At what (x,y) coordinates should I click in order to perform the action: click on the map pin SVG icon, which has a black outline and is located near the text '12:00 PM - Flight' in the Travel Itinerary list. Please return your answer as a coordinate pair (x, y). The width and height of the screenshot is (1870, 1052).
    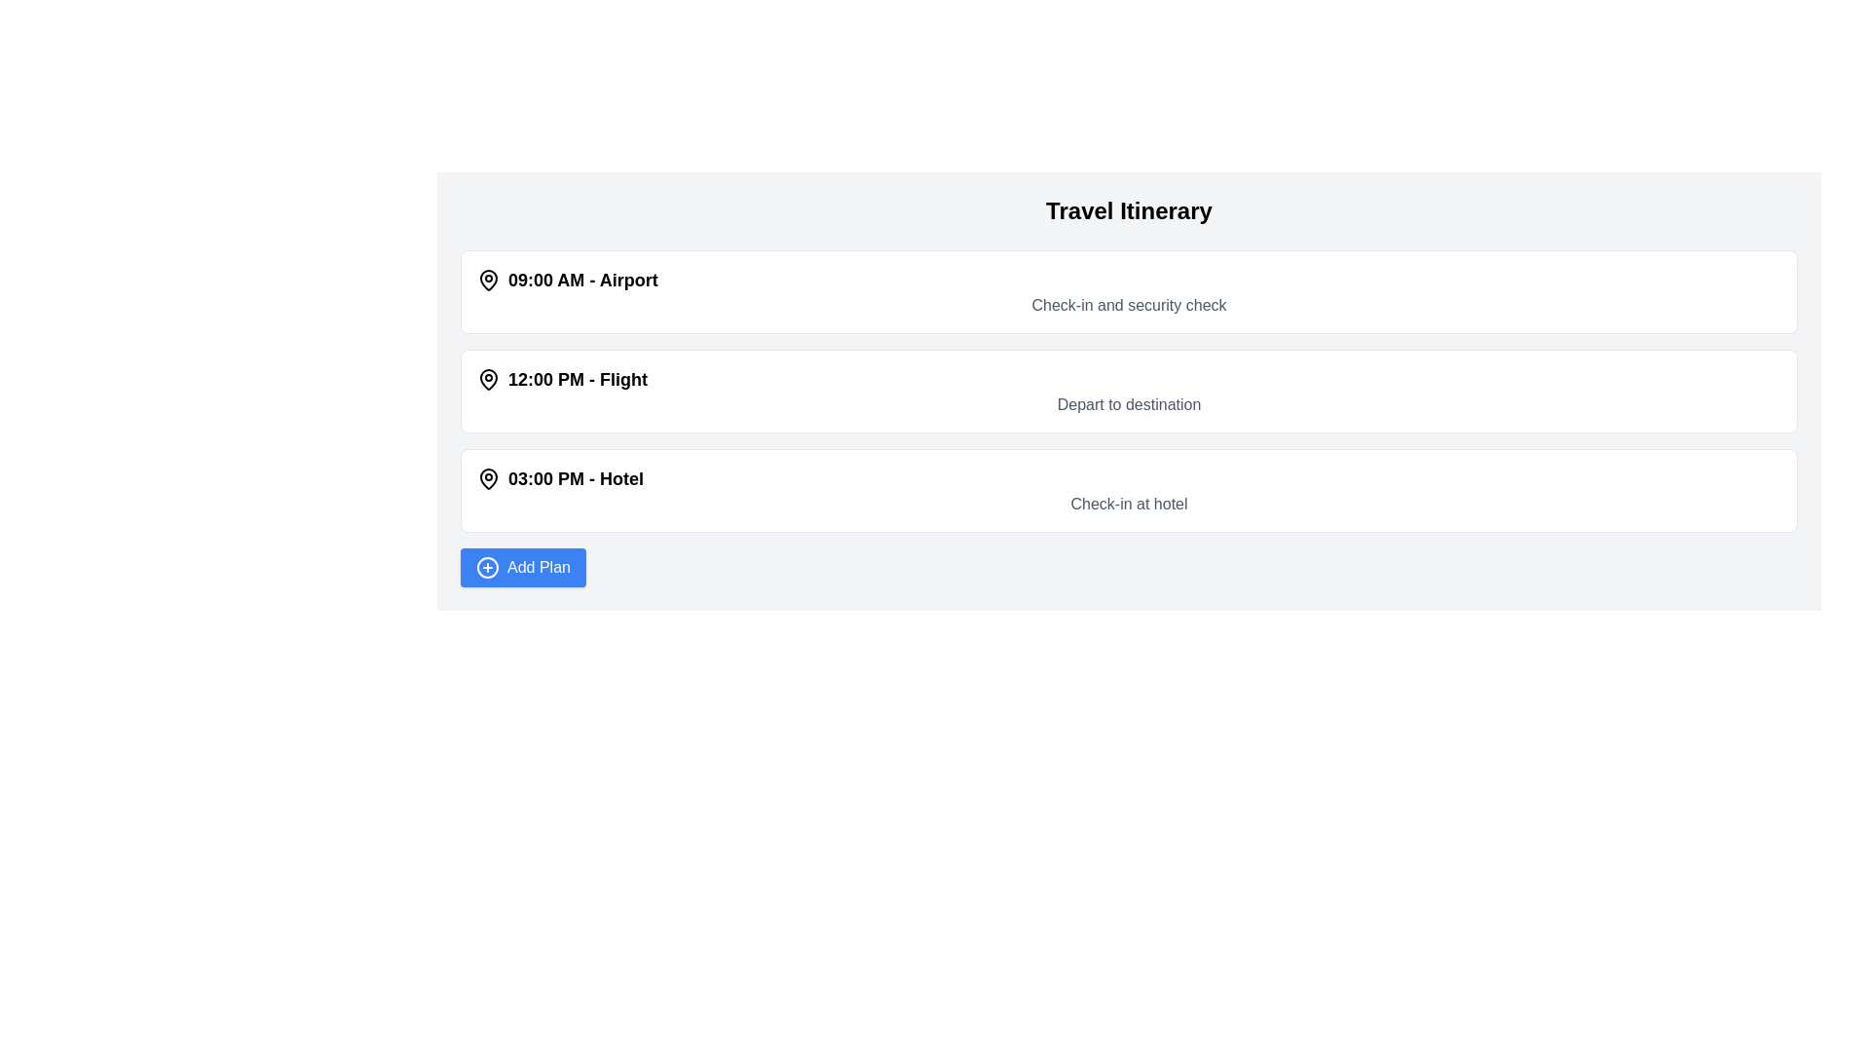
    Looking at the image, I should click on (489, 379).